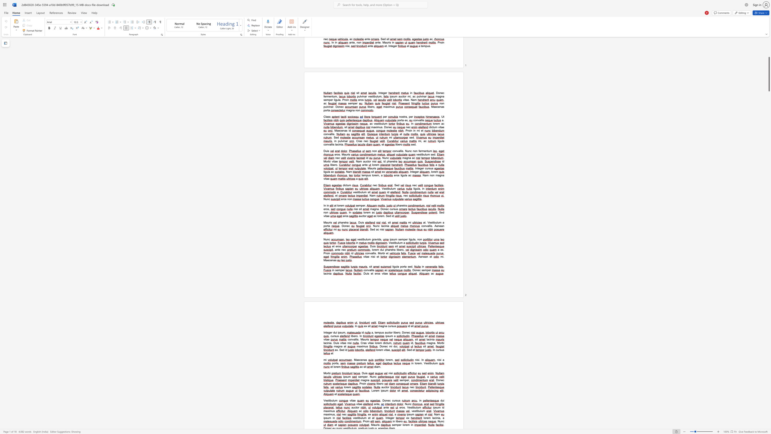 Image resolution: width=771 pixels, height=434 pixels. I want to click on the 1th character "." in the text, so click(359, 339).